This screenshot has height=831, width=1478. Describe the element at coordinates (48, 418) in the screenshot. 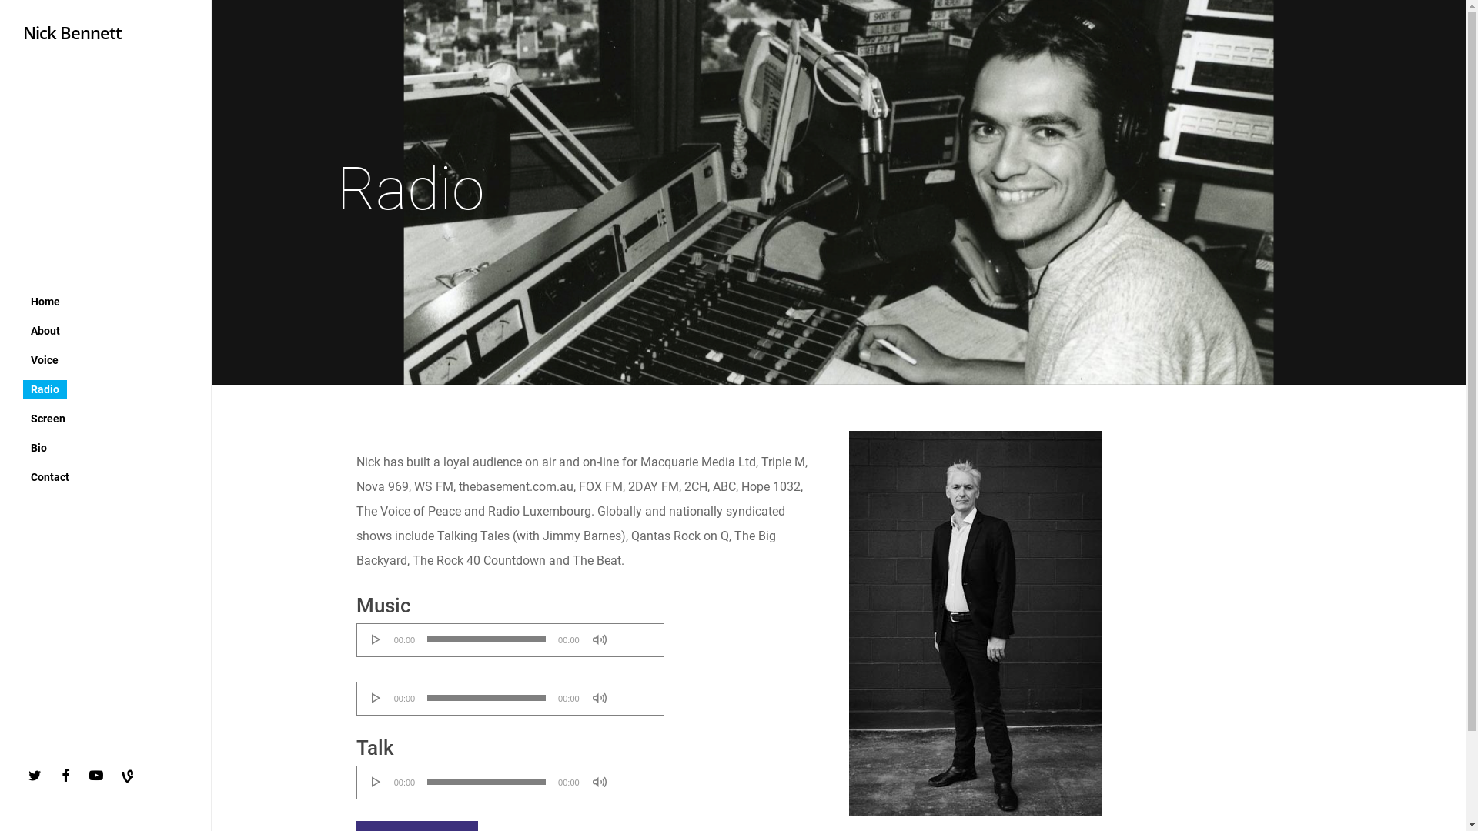

I see `'Screen'` at that location.